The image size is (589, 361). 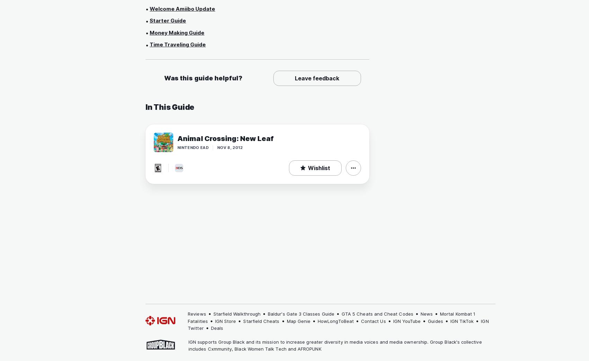 I want to click on 'Mortal Kombat 1 Fatalities', so click(x=187, y=317).